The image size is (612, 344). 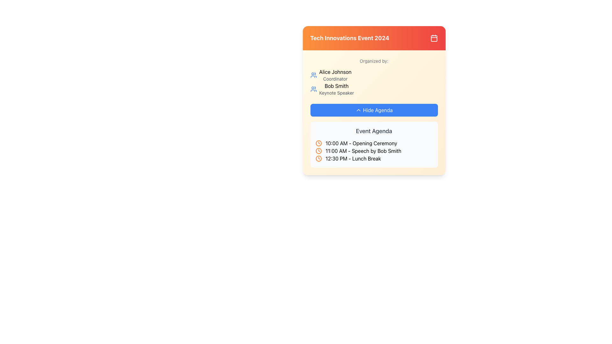 What do you see at coordinates (374, 110) in the screenshot?
I see `the 'Hide Agenda' button with a blue background and white text` at bounding box center [374, 110].